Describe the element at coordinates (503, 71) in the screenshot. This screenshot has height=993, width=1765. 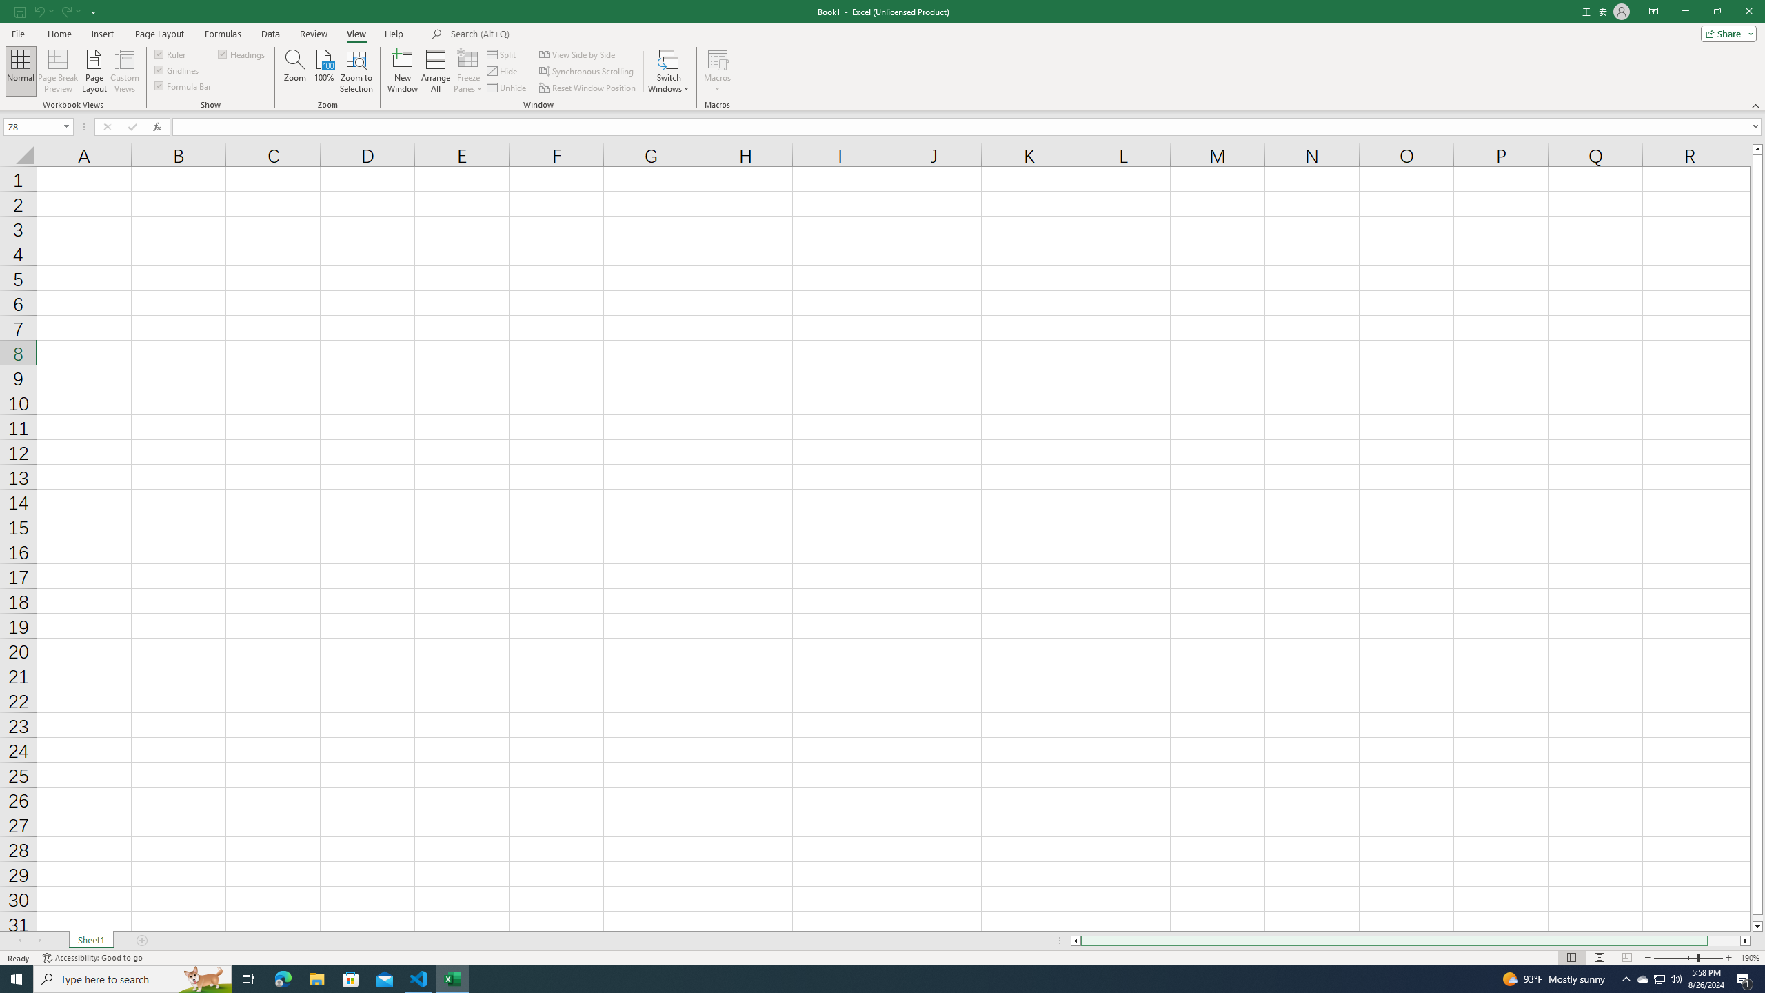
I see `'Hide'` at that location.